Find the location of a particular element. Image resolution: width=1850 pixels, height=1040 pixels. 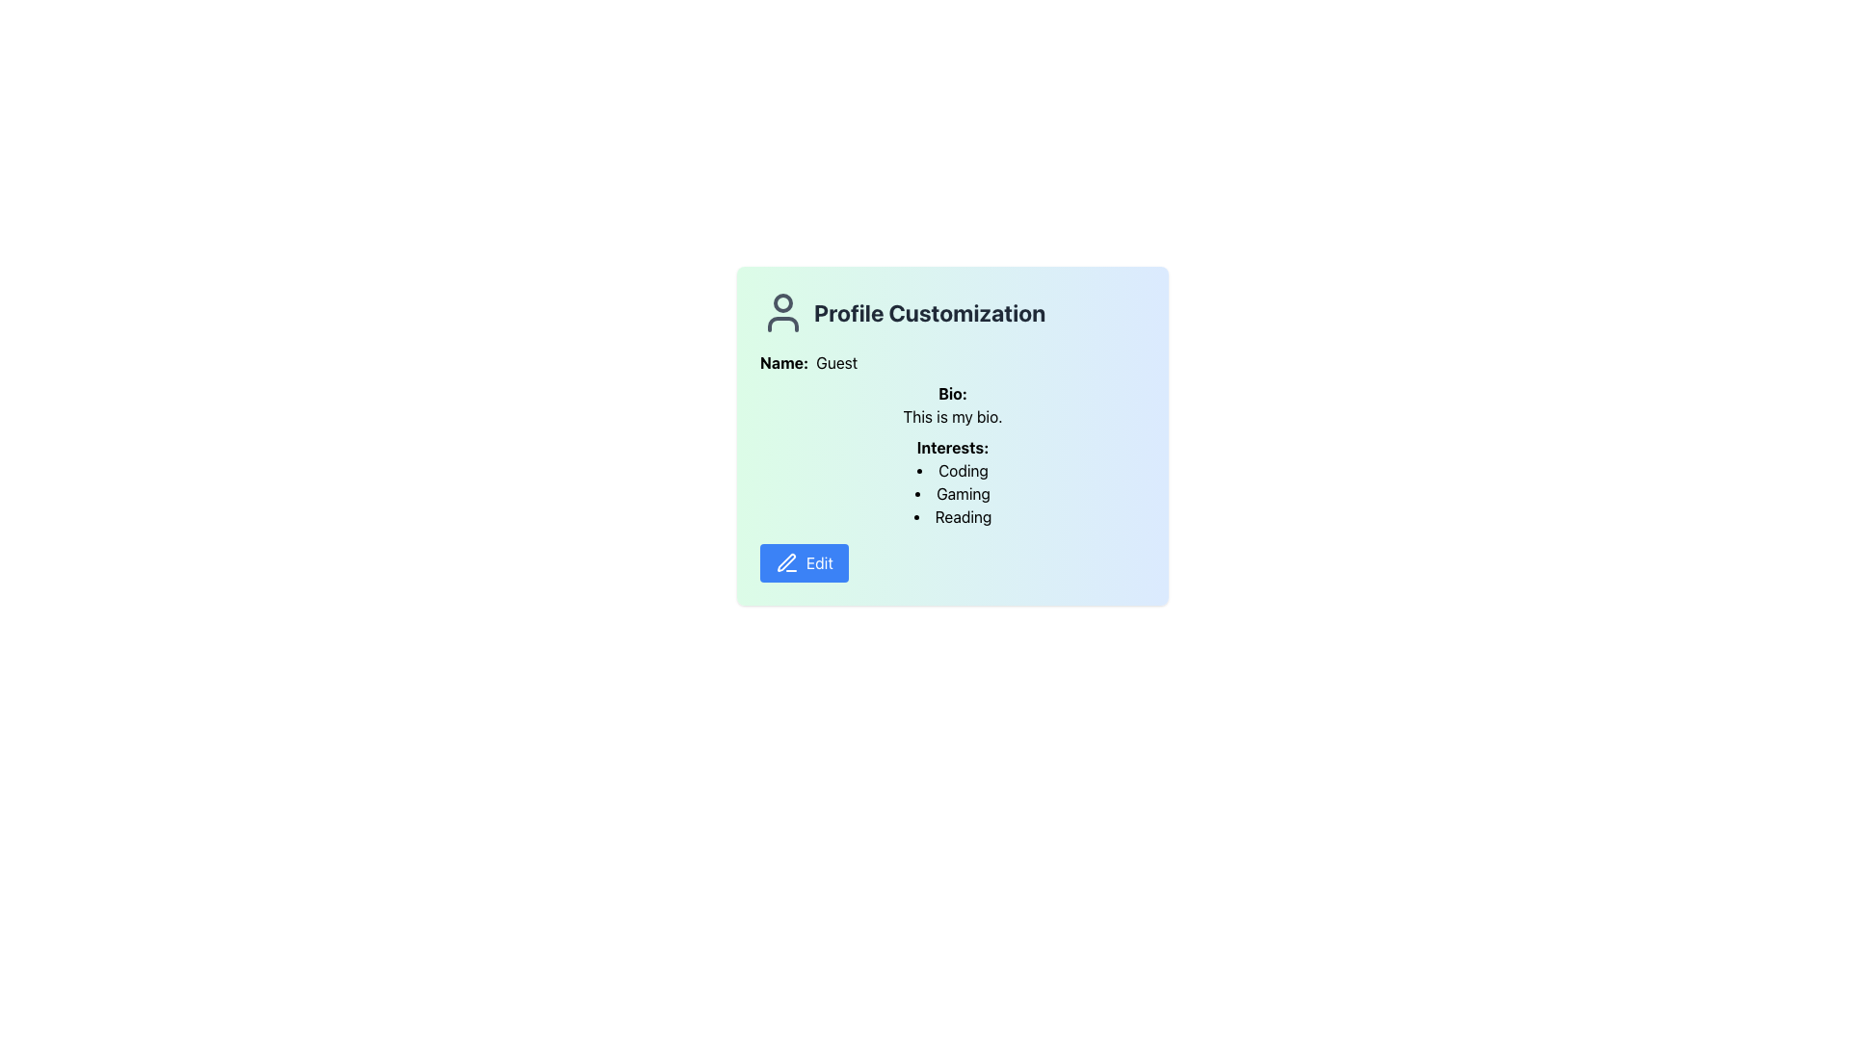

the user-related features icon, which is a gray circular icon resembling a person, positioned to the left of the text 'Profile Customization' is located at coordinates (782, 311).